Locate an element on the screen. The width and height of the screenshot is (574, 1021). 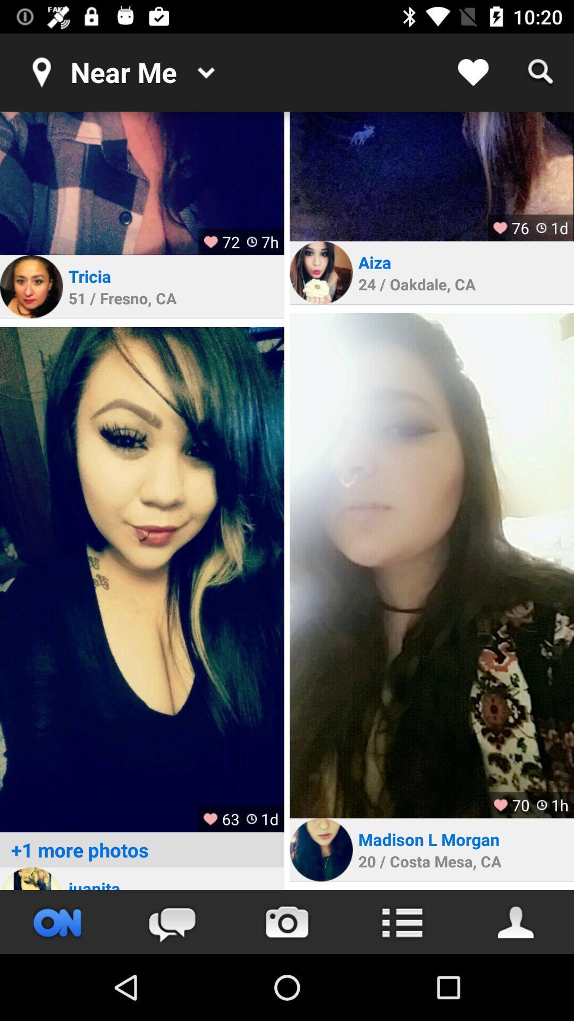
photo library is located at coordinates (141, 579).